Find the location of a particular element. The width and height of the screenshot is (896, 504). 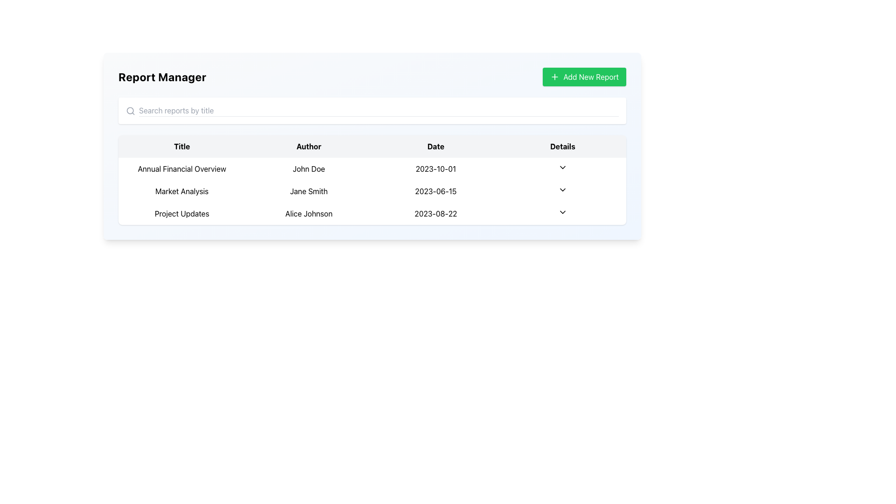

the text label displaying 'Market Analysis' located in the second row of the table under the 'Title' column is located at coordinates (182, 190).